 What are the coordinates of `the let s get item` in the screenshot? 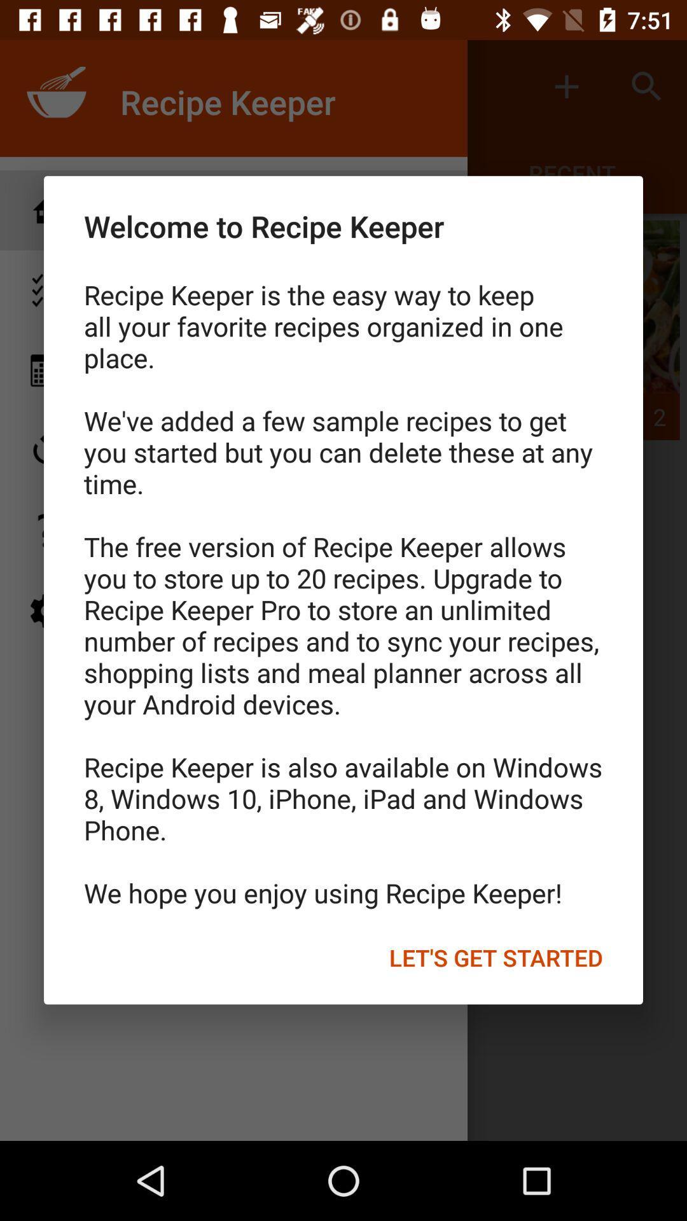 It's located at (495, 958).